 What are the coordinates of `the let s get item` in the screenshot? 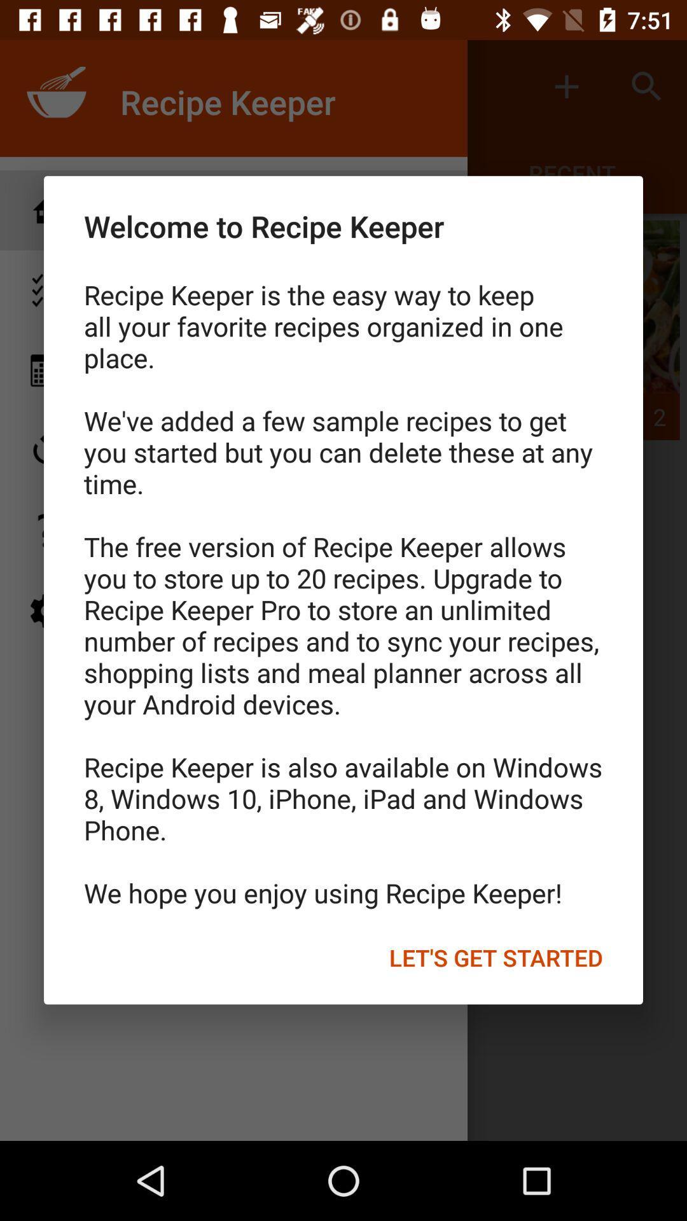 It's located at (495, 958).